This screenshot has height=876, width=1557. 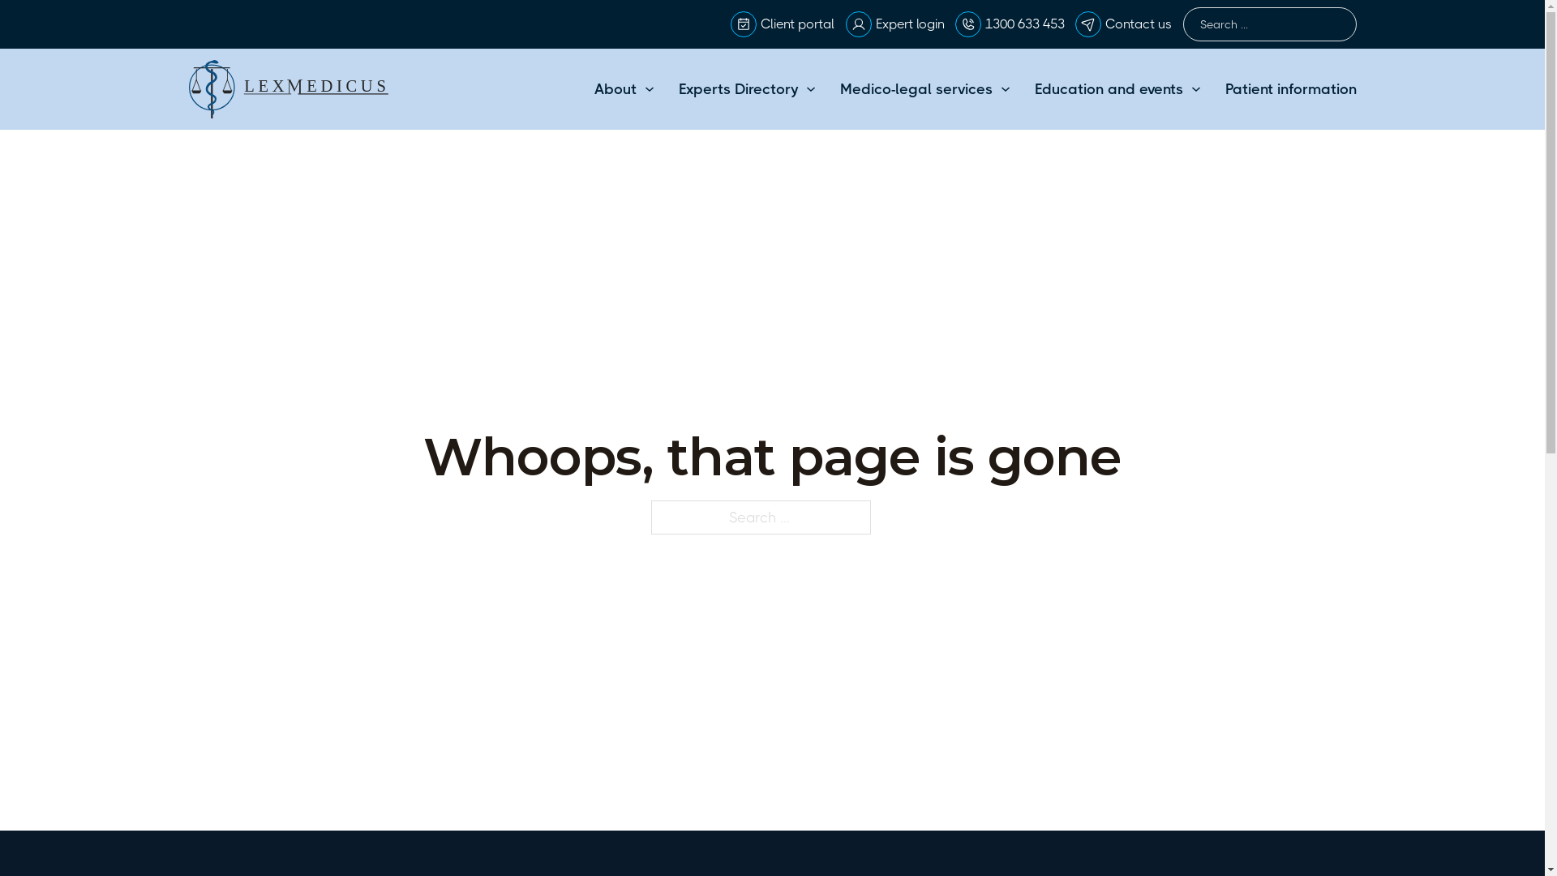 What do you see at coordinates (916, 88) in the screenshot?
I see `'Medico-legal services'` at bounding box center [916, 88].